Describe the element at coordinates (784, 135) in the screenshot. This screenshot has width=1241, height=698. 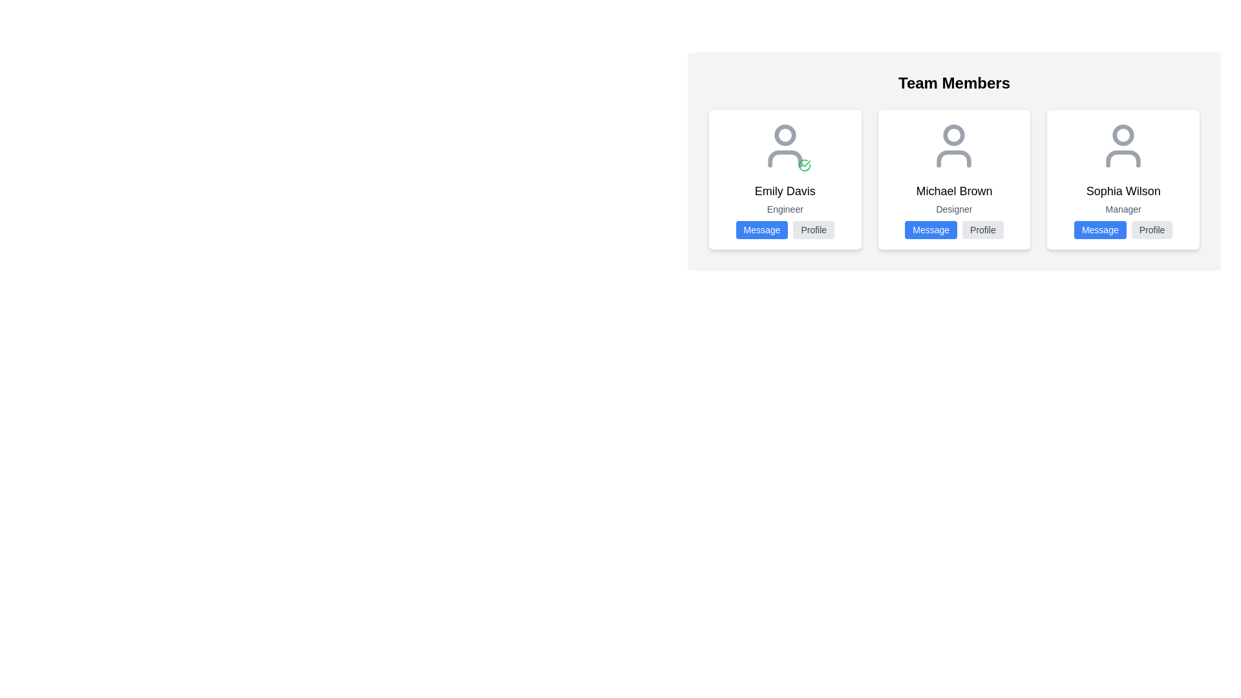
I see `the Avatar Placeholder for the user 'Emily Davis', which is located centrally in the top section of the user profile card` at that location.